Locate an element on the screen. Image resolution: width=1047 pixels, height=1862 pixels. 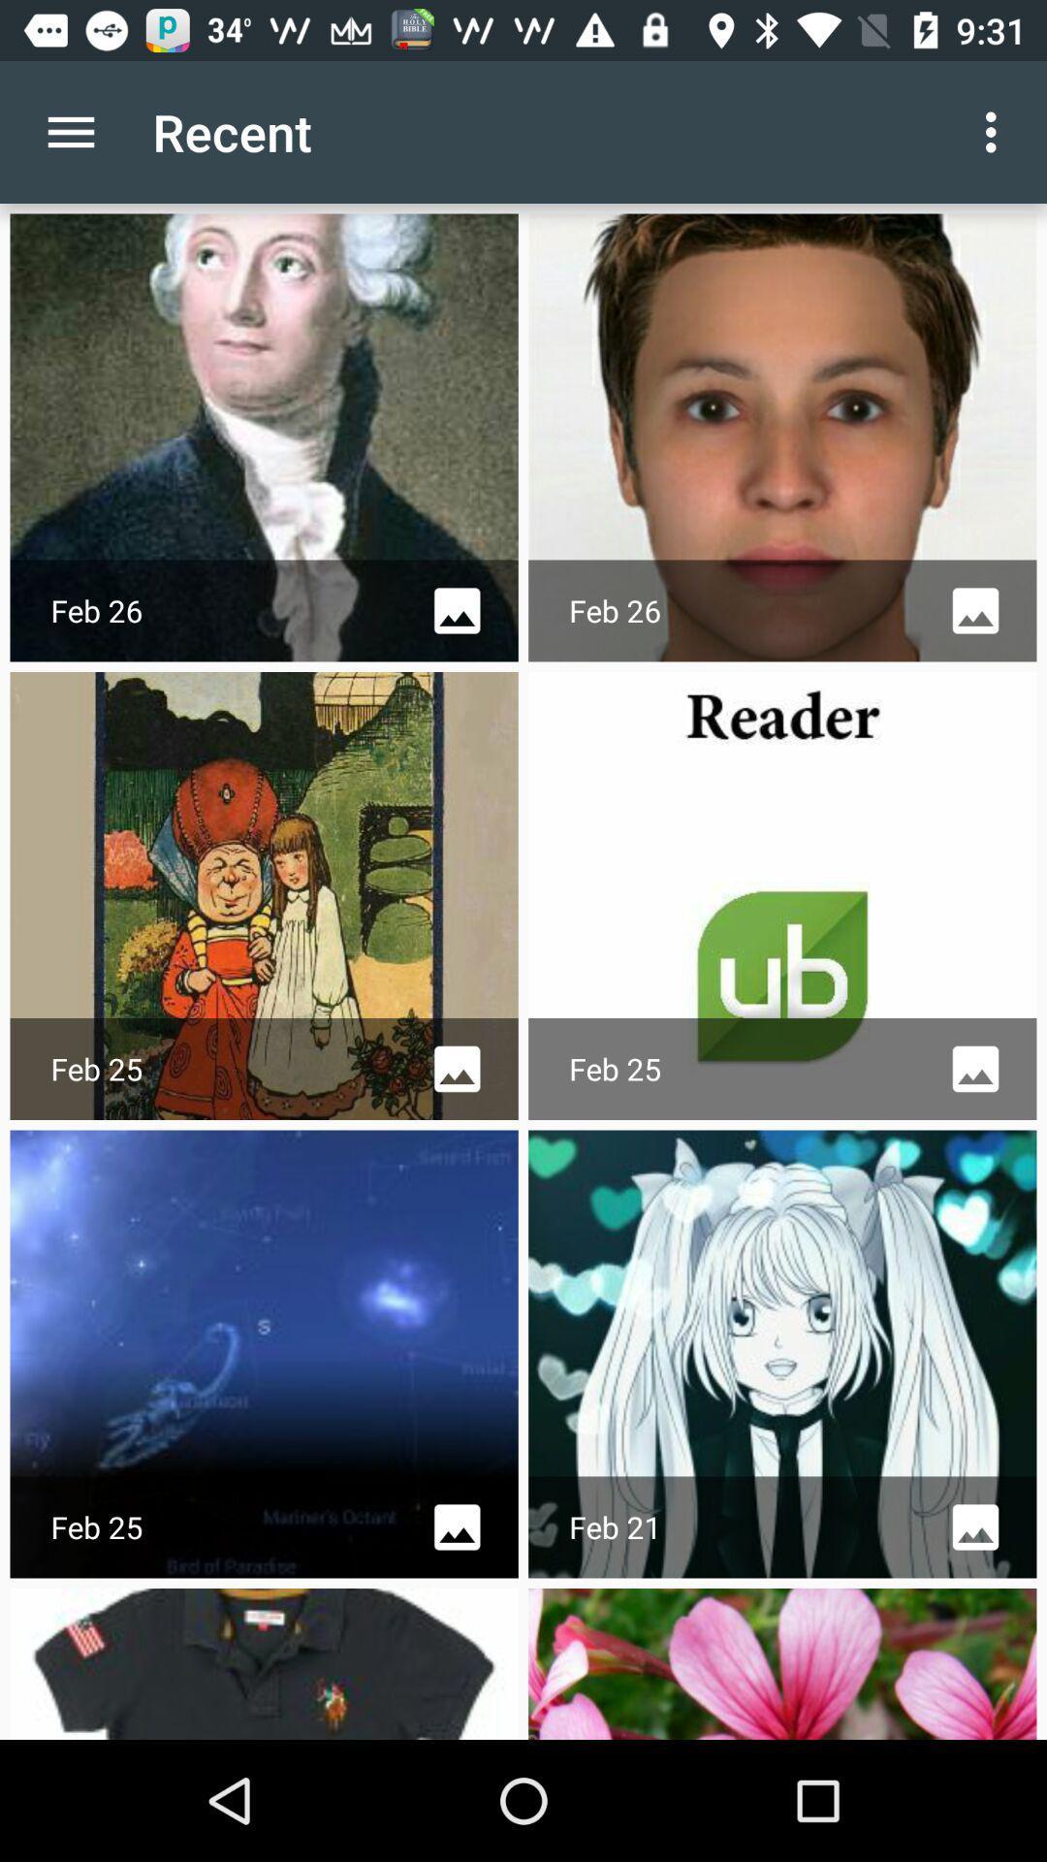
the item to the right of recent item is located at coordinates (996, 131).